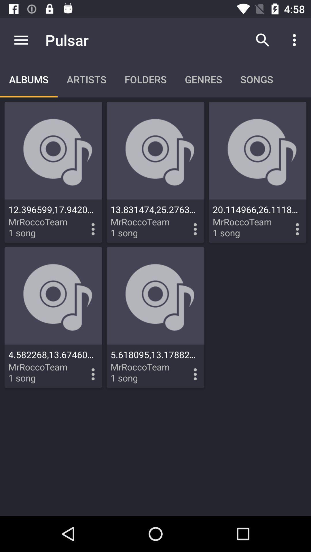  What do you see at coordinates (21, 40) in the screenshot?
I see `app to the left of pulsar` at bounding box center [21, 40].